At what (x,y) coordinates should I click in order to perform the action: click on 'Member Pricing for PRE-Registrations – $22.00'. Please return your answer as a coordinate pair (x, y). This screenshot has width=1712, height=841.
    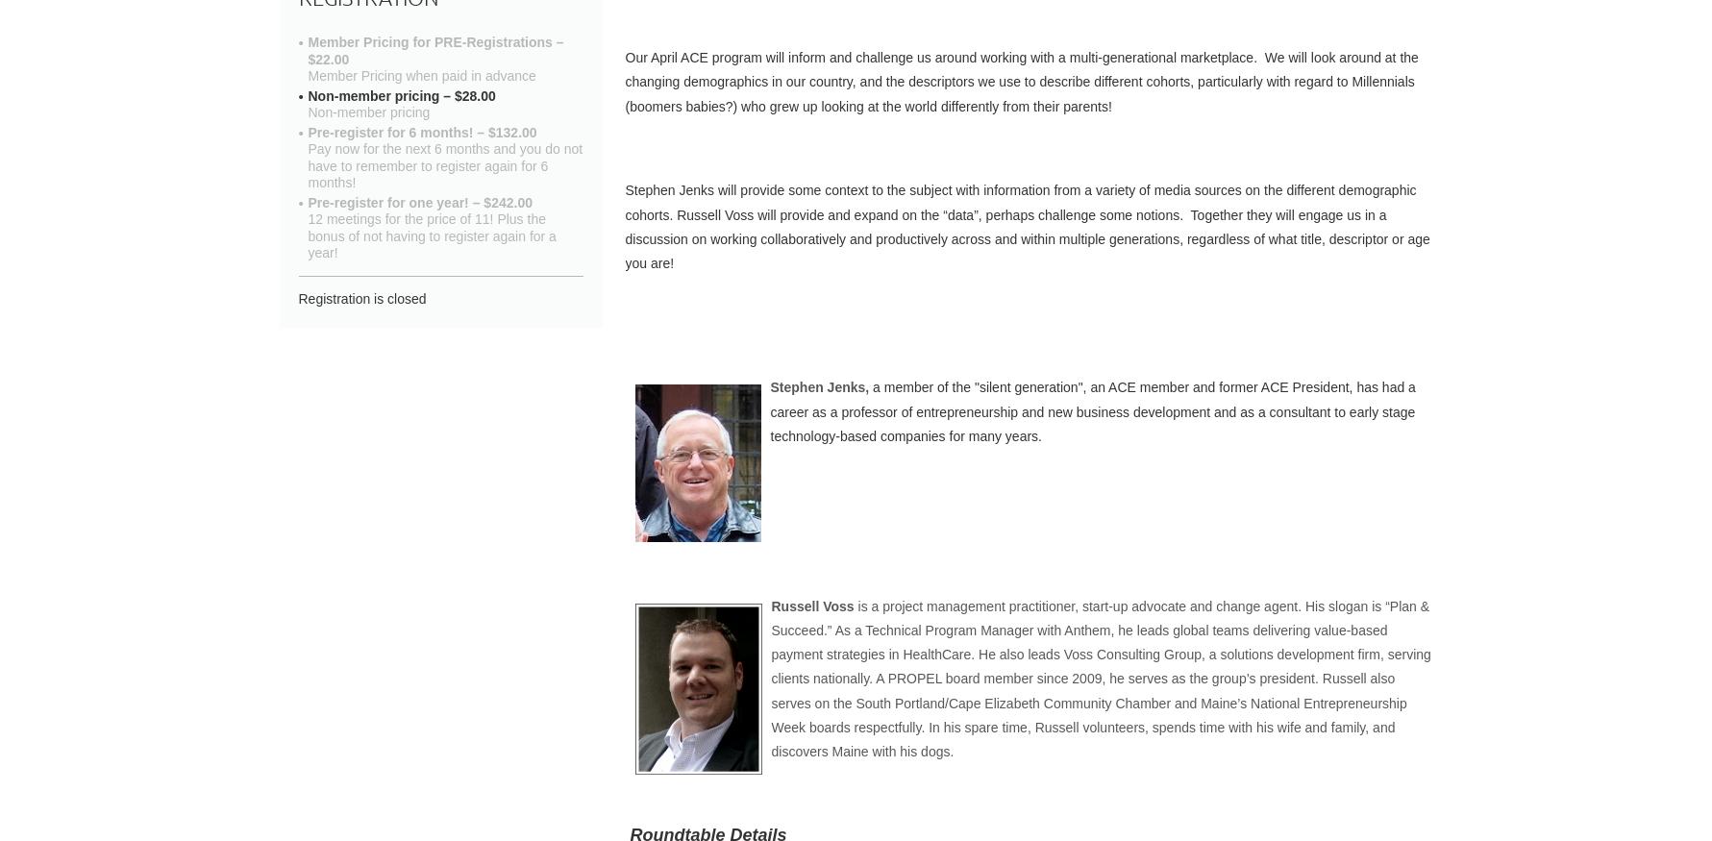
    Looking at the image, I should click on (434, 49).